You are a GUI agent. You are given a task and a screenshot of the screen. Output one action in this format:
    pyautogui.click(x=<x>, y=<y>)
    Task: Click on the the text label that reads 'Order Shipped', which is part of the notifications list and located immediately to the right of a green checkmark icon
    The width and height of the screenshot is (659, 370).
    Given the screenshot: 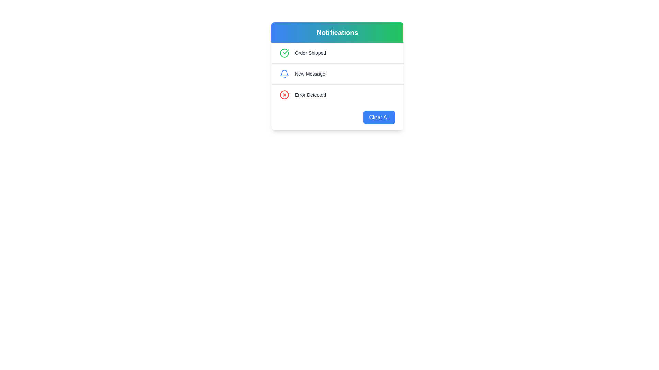 What is the action you would take?
    pyautogui.click(x=310, y=52)
    